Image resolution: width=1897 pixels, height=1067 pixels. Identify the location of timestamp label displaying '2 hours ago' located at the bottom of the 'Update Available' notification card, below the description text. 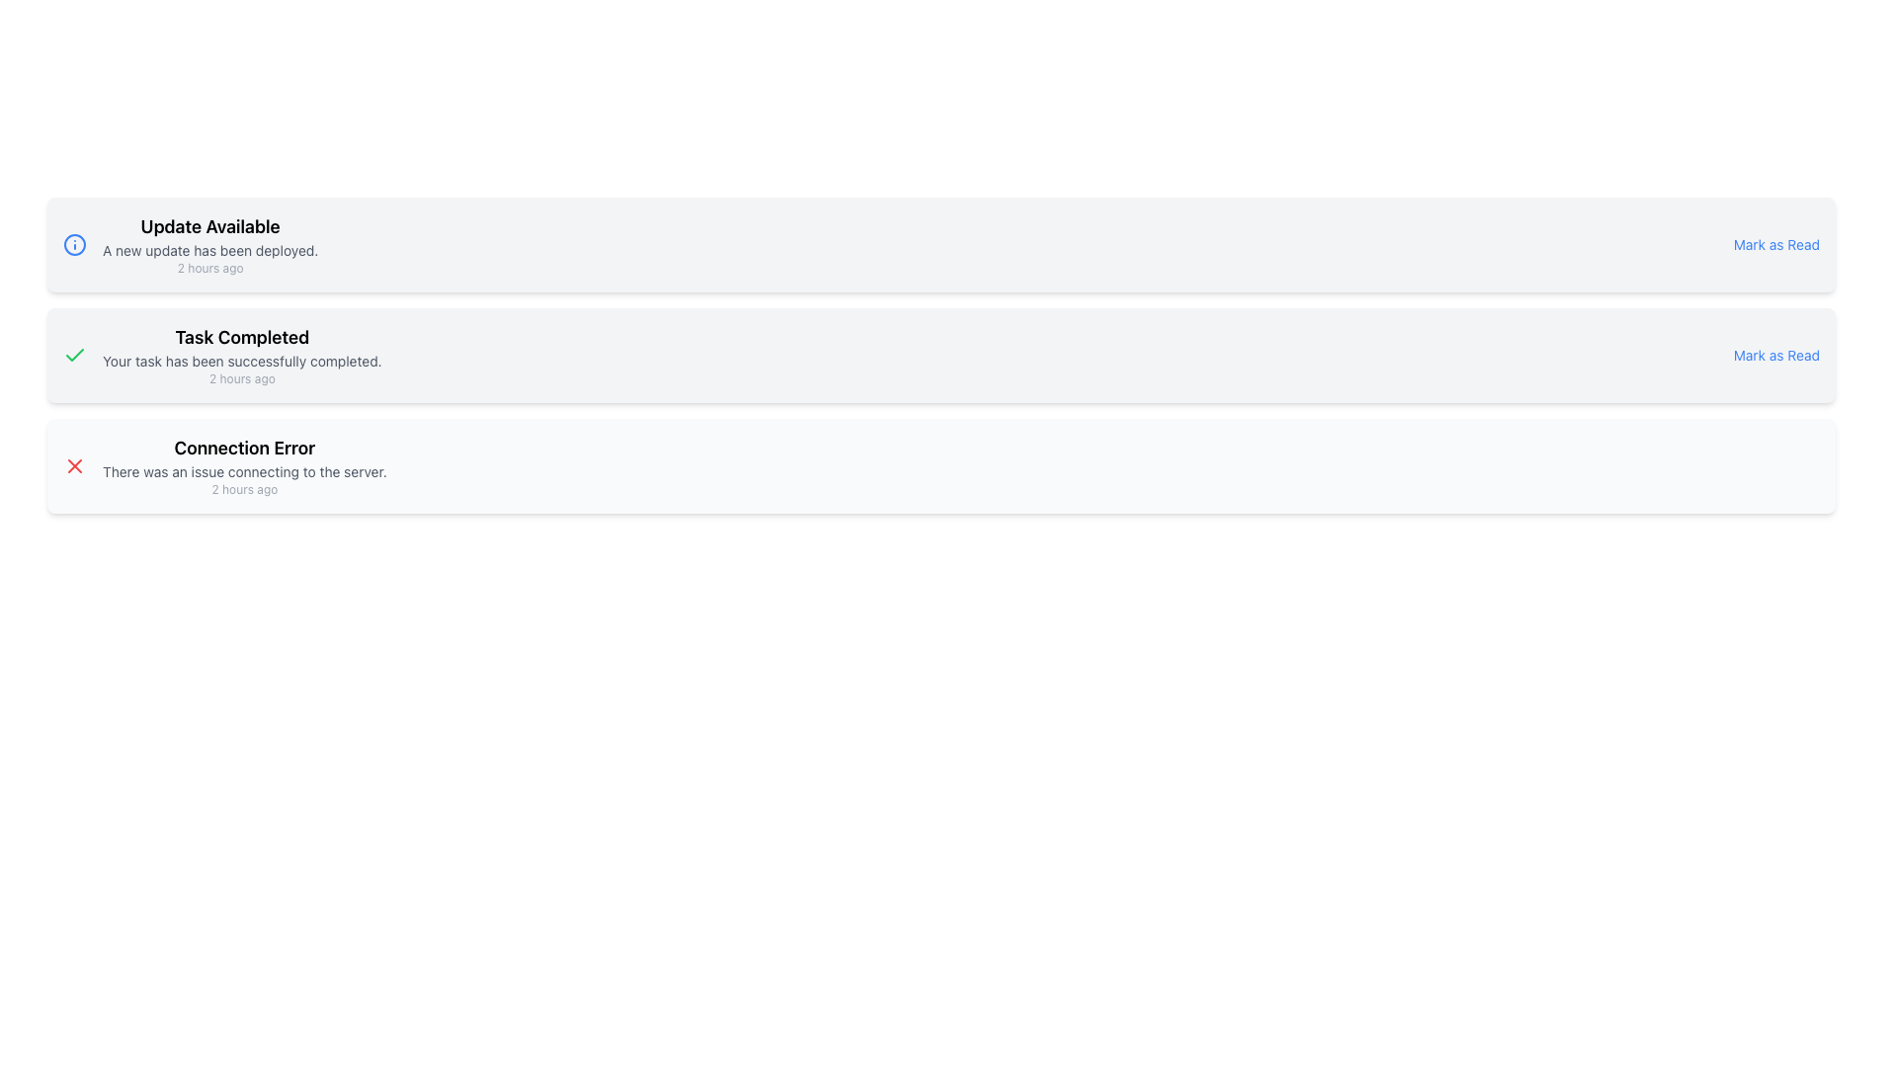
(210, 269).